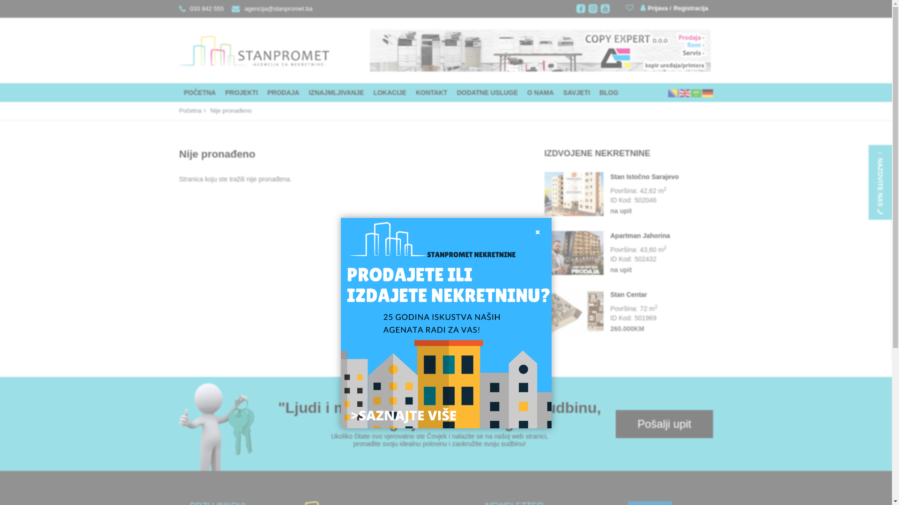  I want to click on 'Bosanski', so click(673, 92).